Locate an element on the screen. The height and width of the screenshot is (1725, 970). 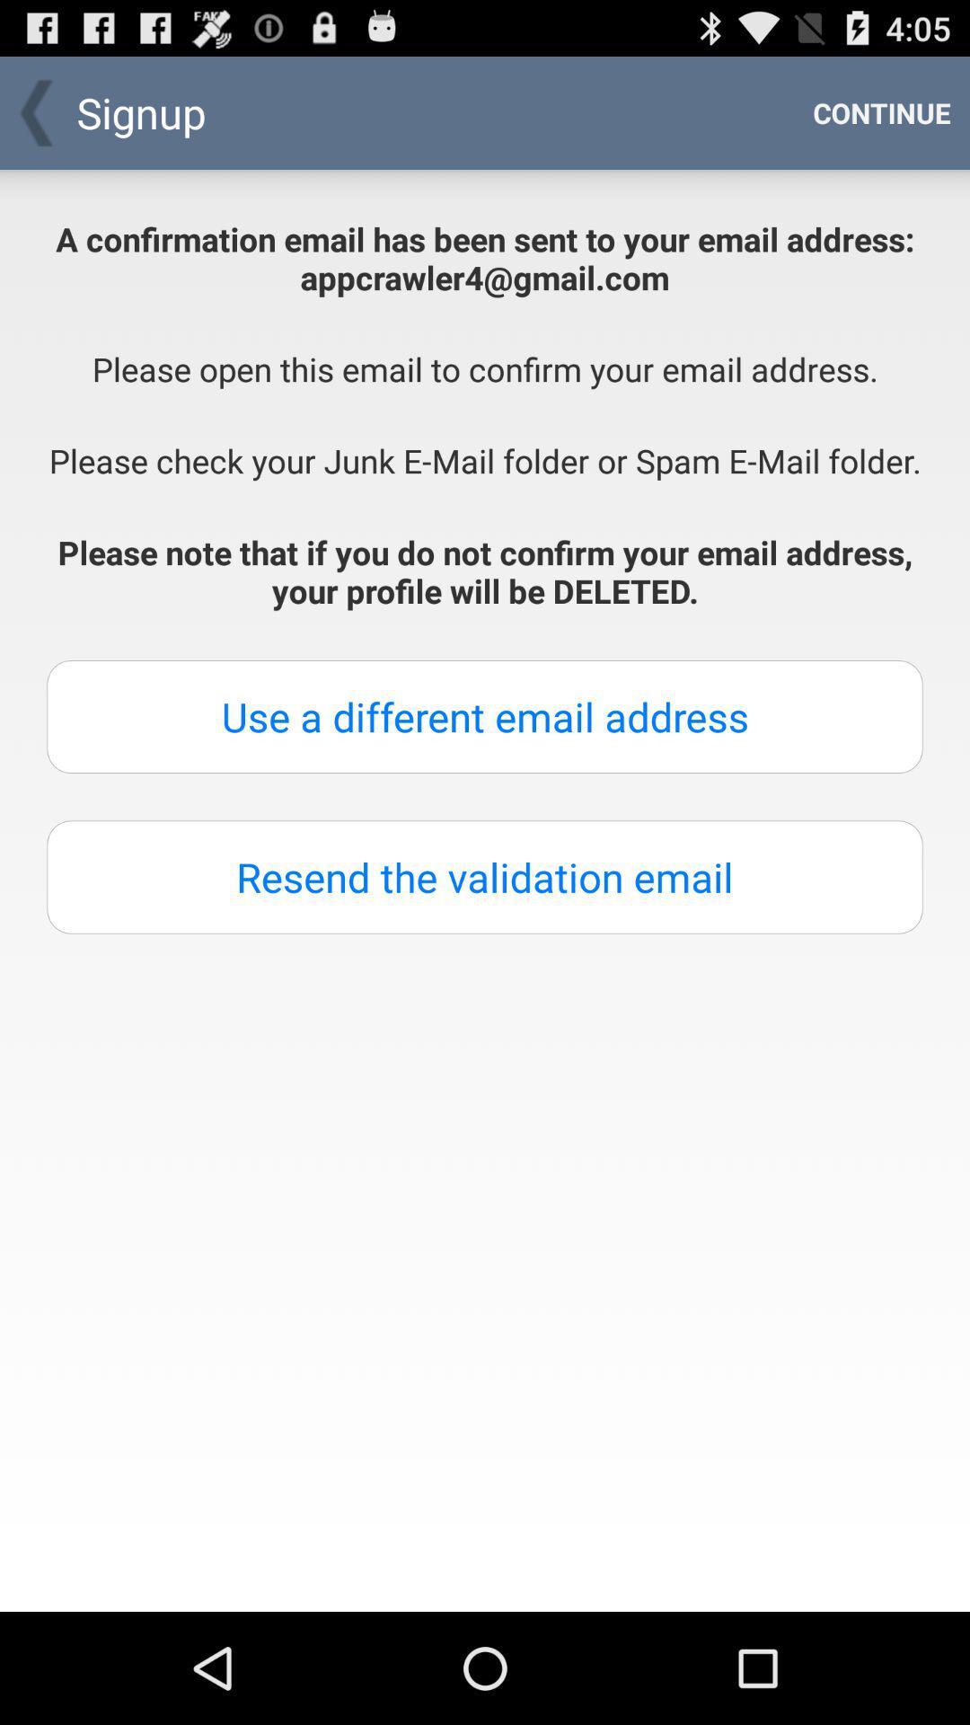
icon above resend the validation is located at coordinates (485, 715).